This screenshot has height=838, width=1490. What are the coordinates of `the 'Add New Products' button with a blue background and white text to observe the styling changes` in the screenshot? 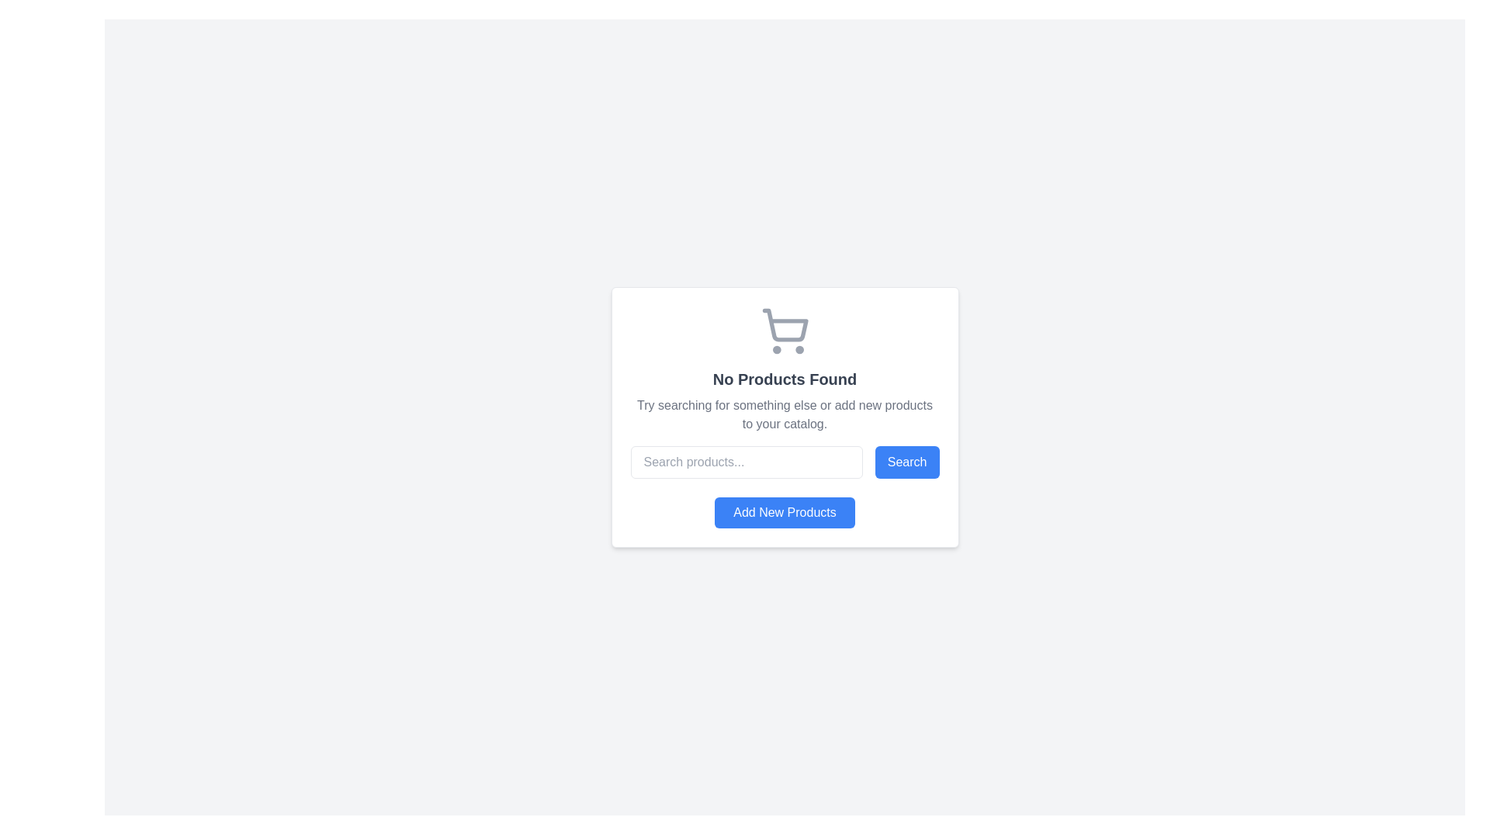 It's located at (785, 512).